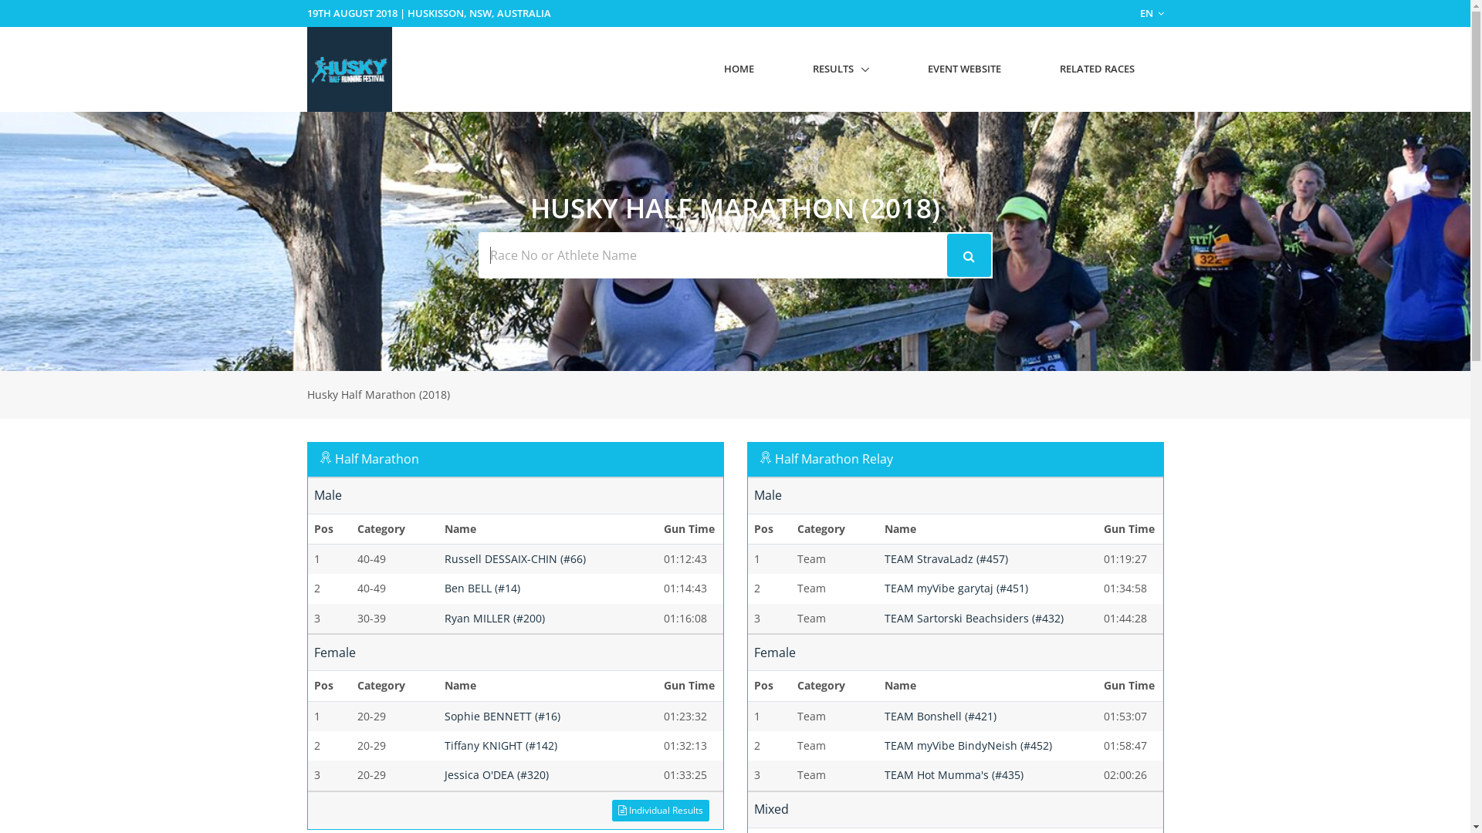  Describe the element at coordinates (833, 457) in the screenshot. I see `'Half Marathon Relay'` at that location.